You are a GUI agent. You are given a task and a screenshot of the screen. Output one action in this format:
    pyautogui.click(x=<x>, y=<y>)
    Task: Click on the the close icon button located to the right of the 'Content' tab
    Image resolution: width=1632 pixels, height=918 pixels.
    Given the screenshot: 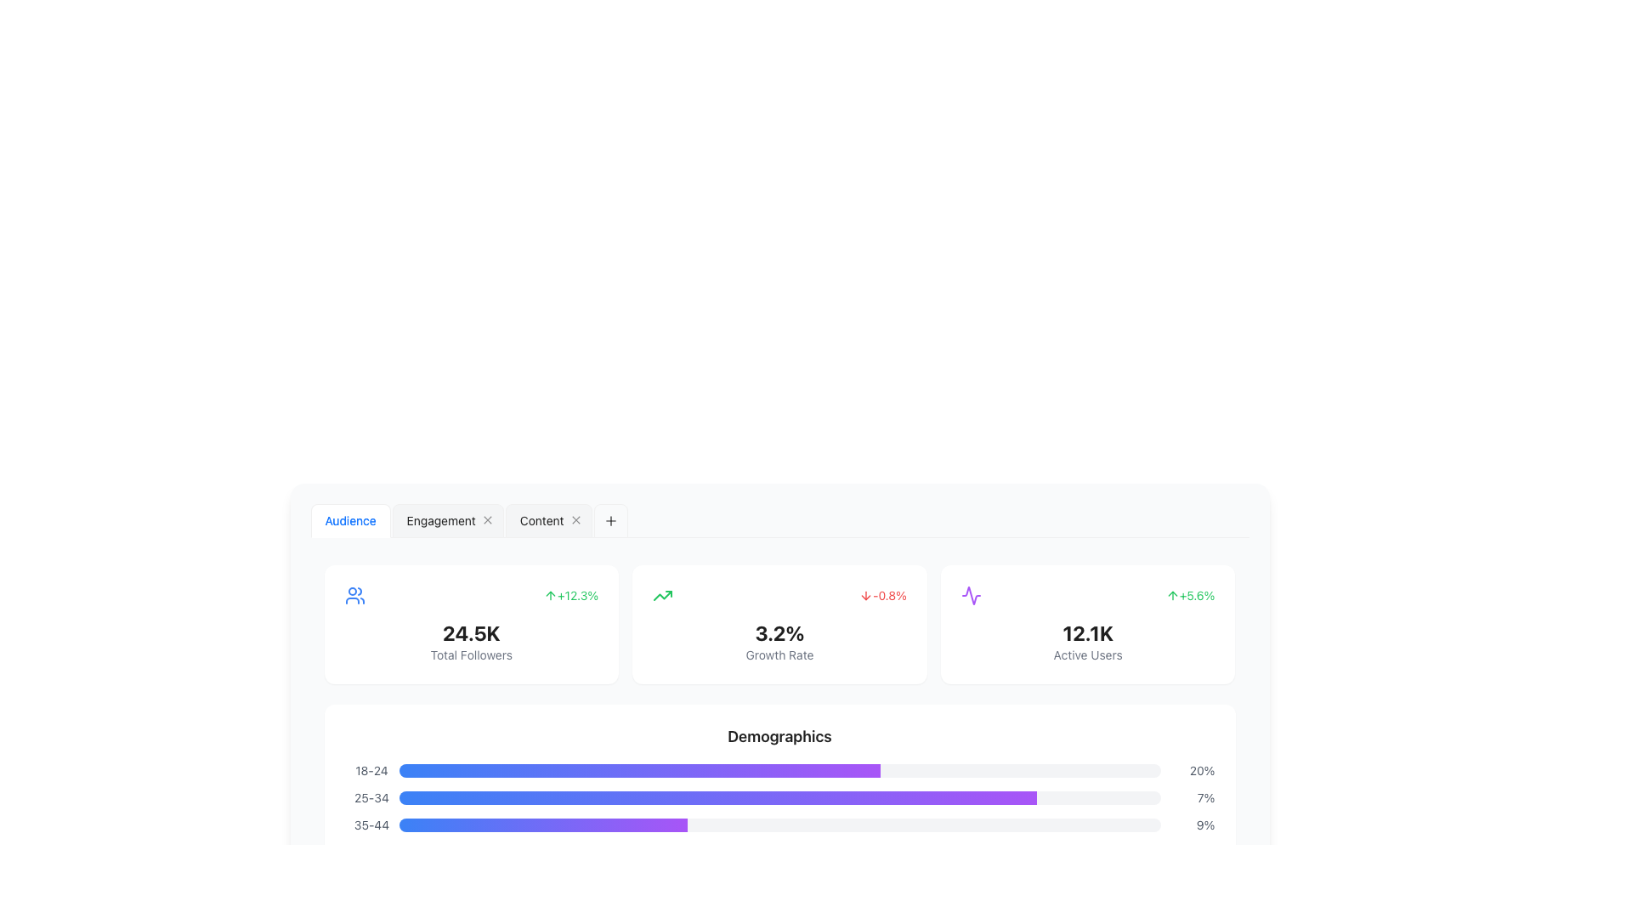 What is the action you would take?
    pyautogui.click(x=575, y=519)
    